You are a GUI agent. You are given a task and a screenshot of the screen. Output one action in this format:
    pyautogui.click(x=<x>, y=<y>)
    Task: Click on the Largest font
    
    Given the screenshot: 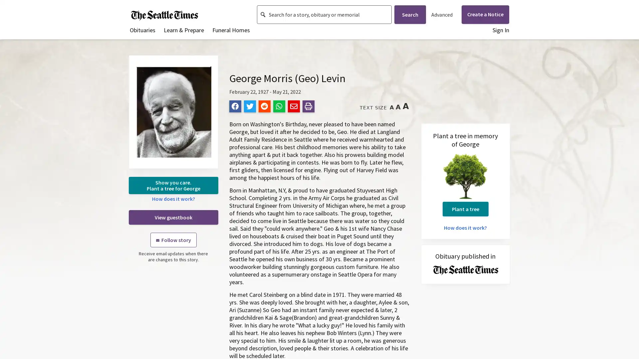 What is the action you would take?
    pyautogui.click(x=405, y=106)
    